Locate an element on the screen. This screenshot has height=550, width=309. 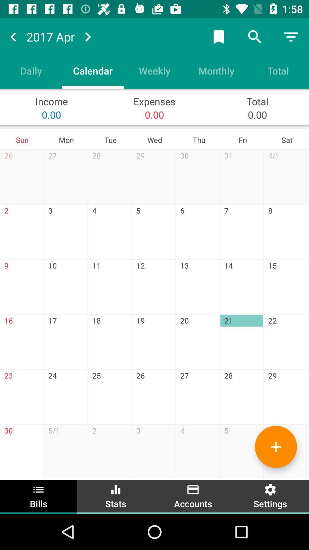
date is located at coordinates (219, 36).